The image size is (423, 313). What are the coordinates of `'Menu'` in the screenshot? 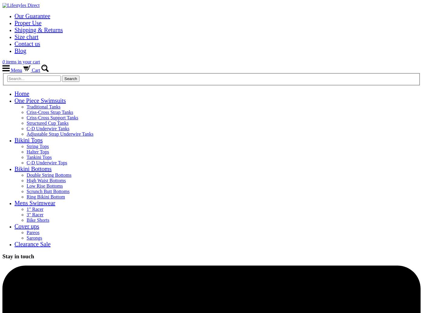 It's located at (16, 70).